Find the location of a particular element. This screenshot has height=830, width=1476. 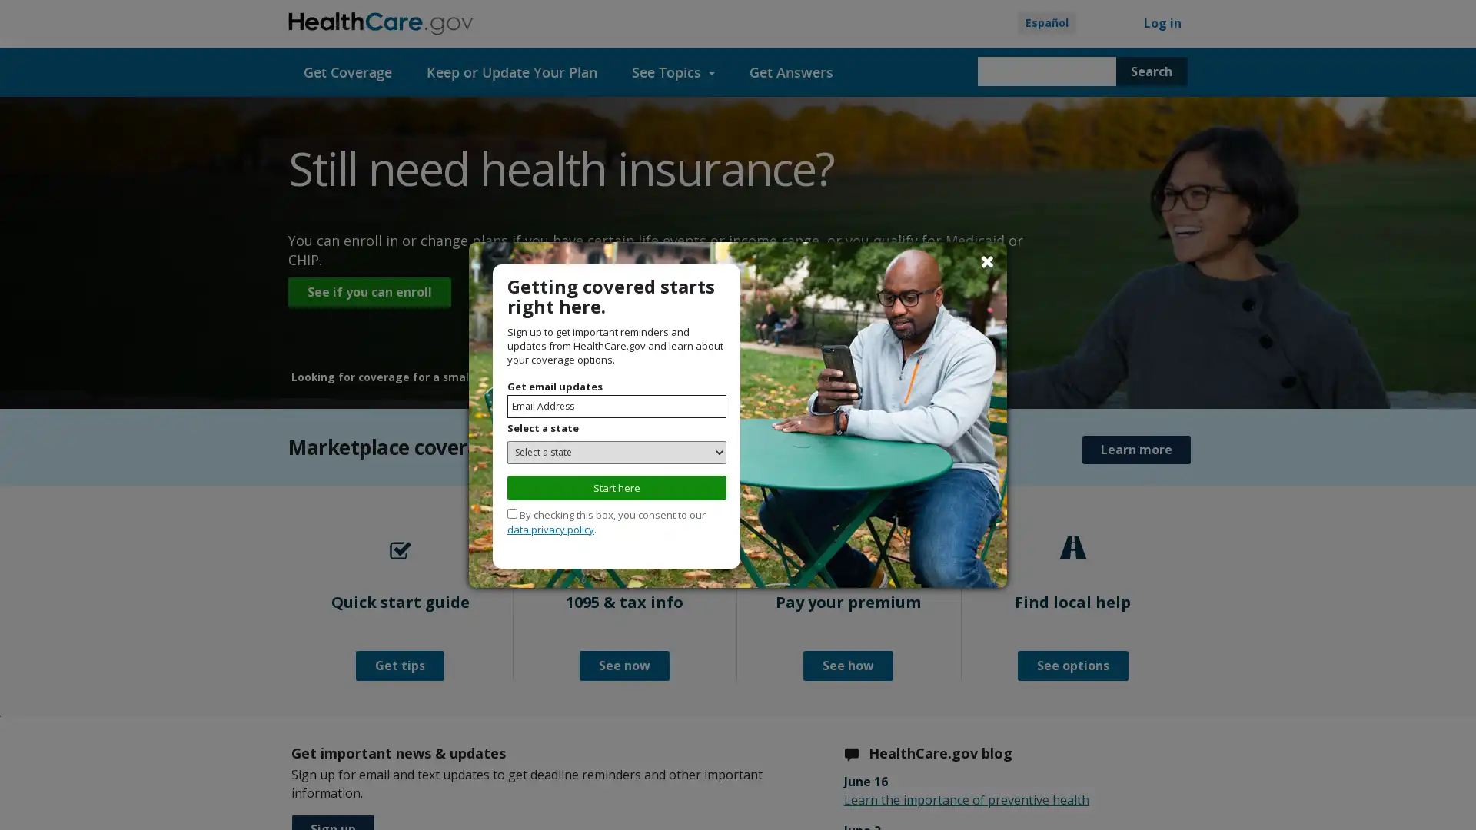

Search is located at coordinates (1151, 71).